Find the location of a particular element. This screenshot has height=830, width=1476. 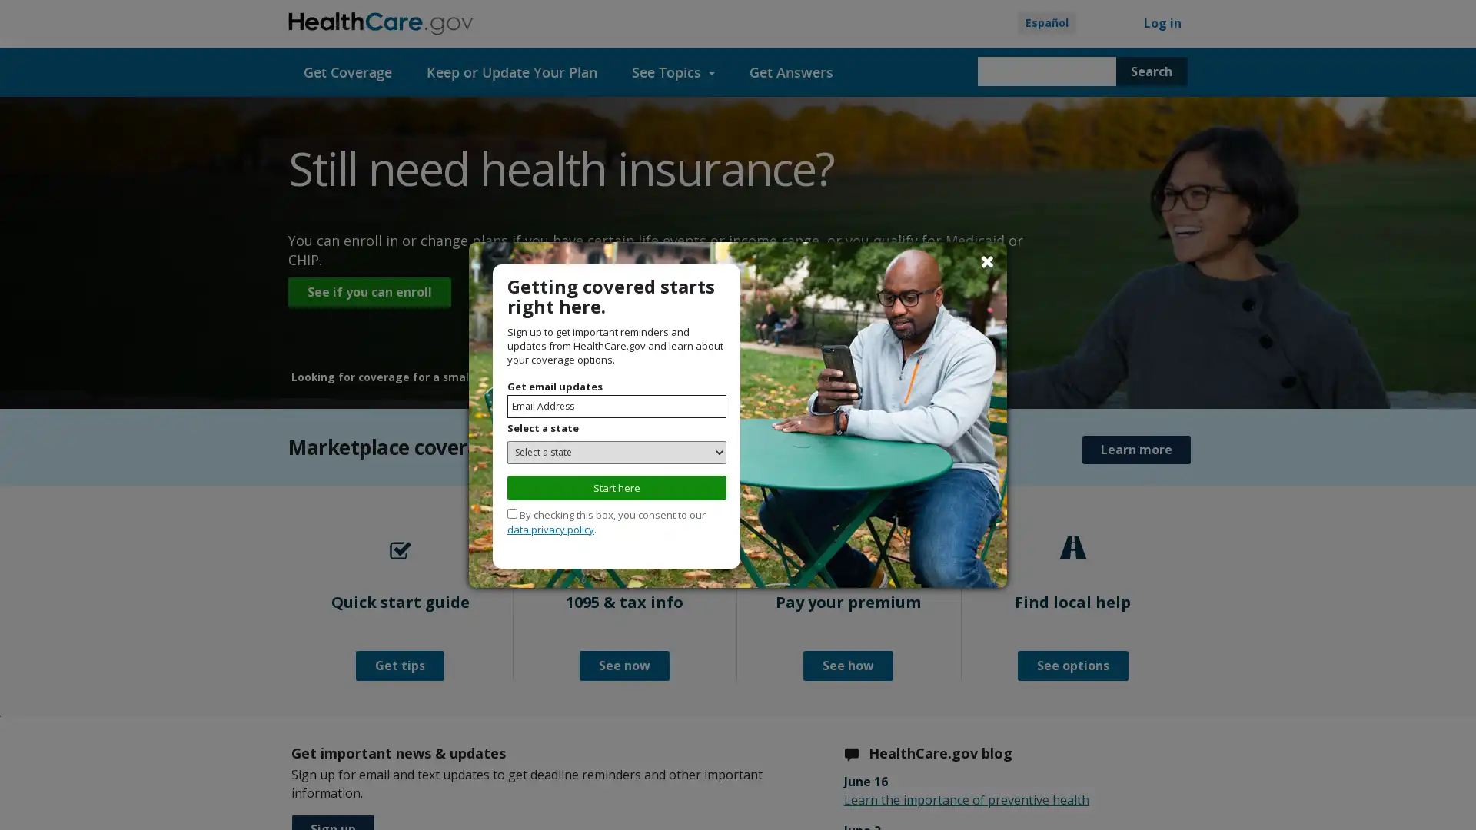

Search is located at coordinates (1151, 71).